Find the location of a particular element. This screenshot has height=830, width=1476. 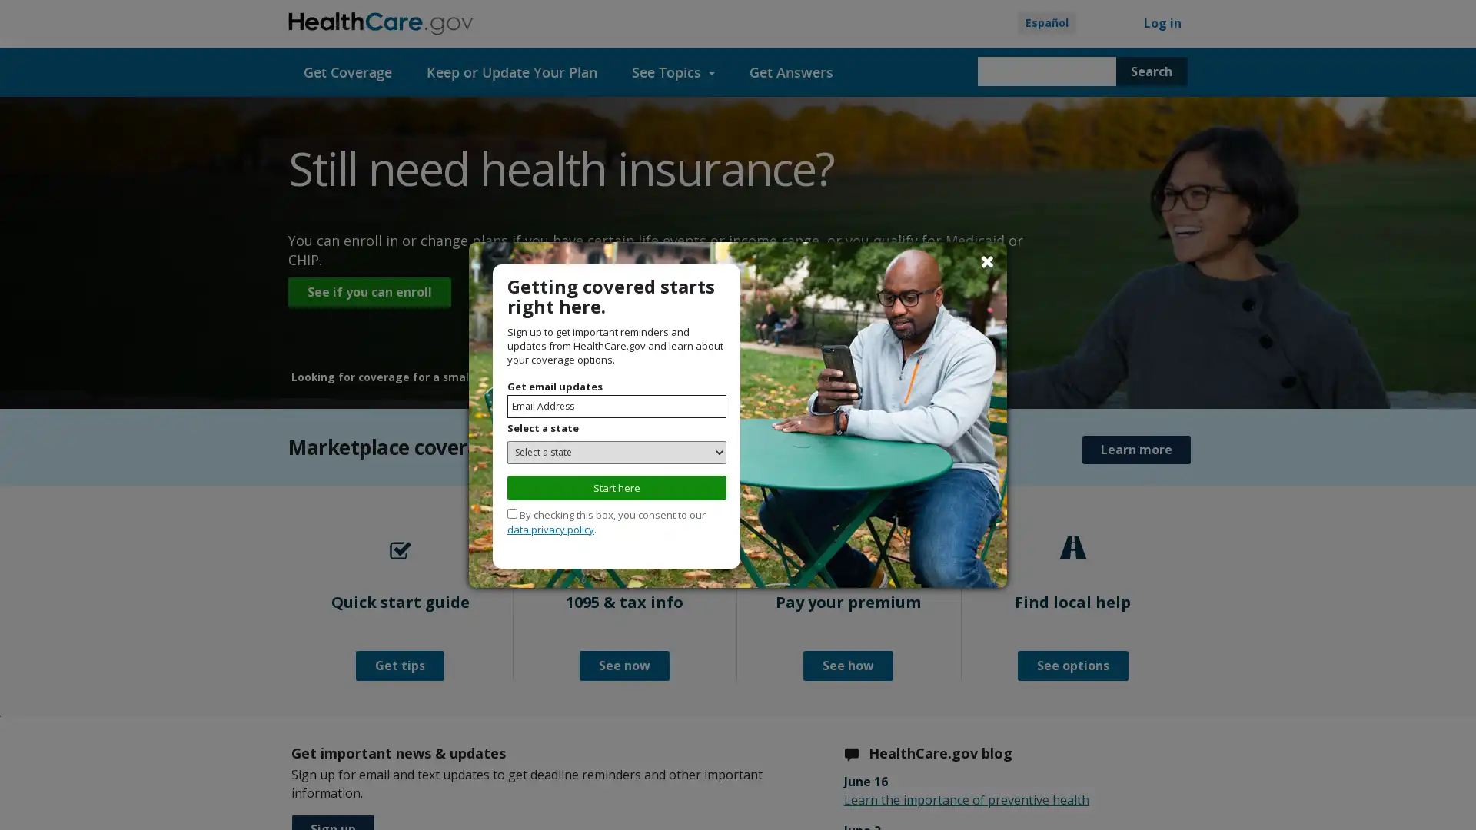

Search is located at coordinates (1151, 71).